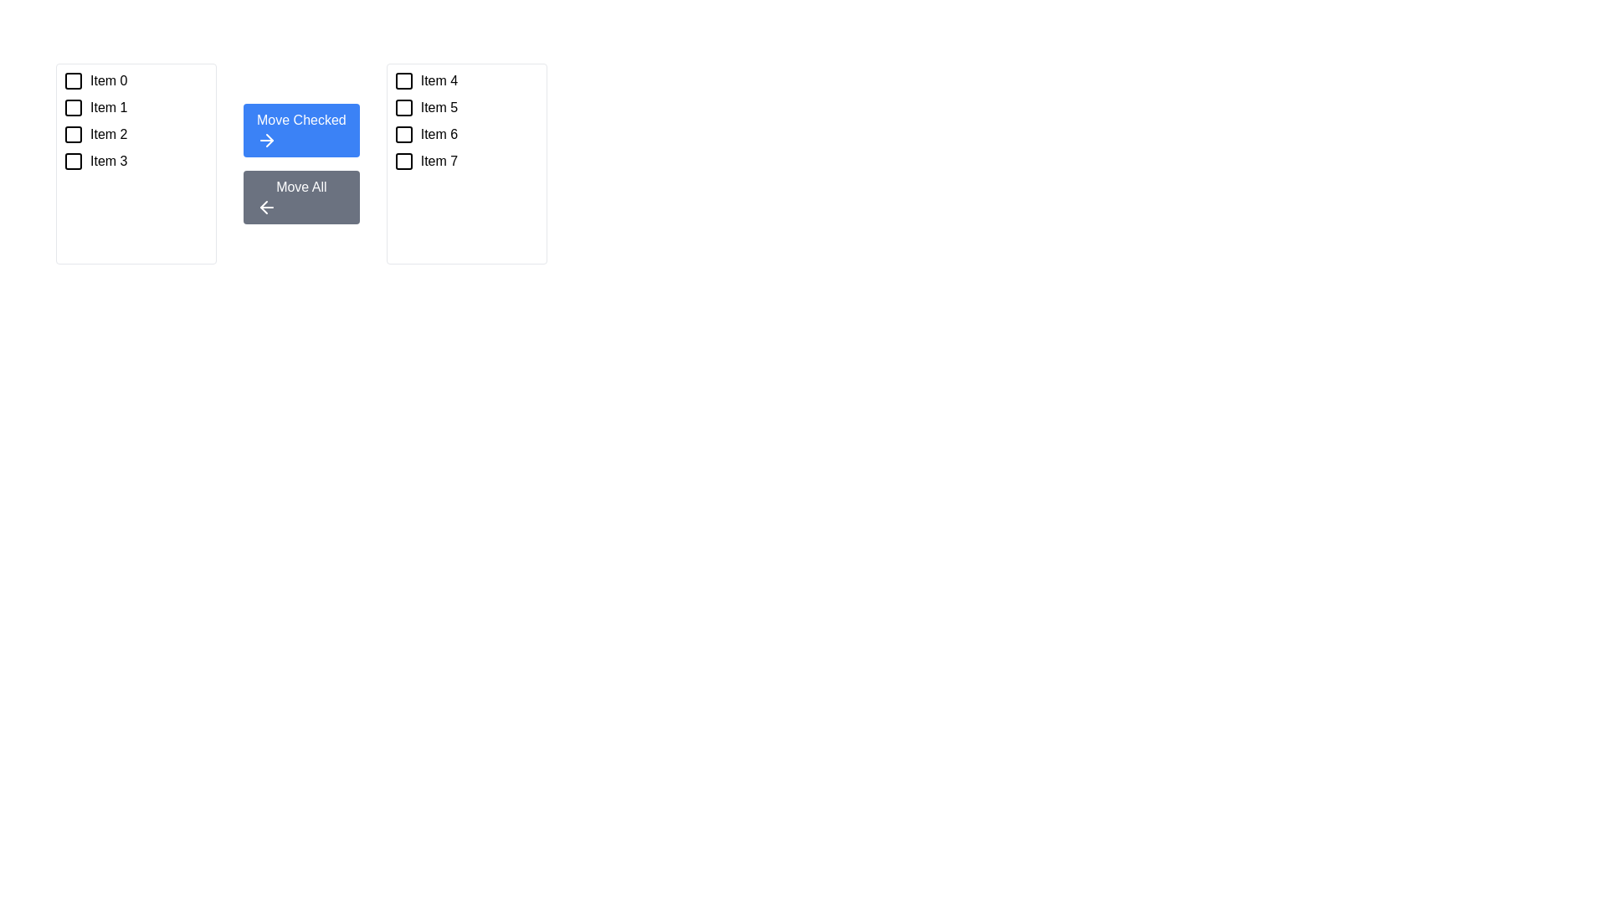 The height and width of the screenshot is (904, 1607). Describe the element at coordinates (403, 161) in the screenshot. I see `the square-shaped icon with a thin black outline` at that location.